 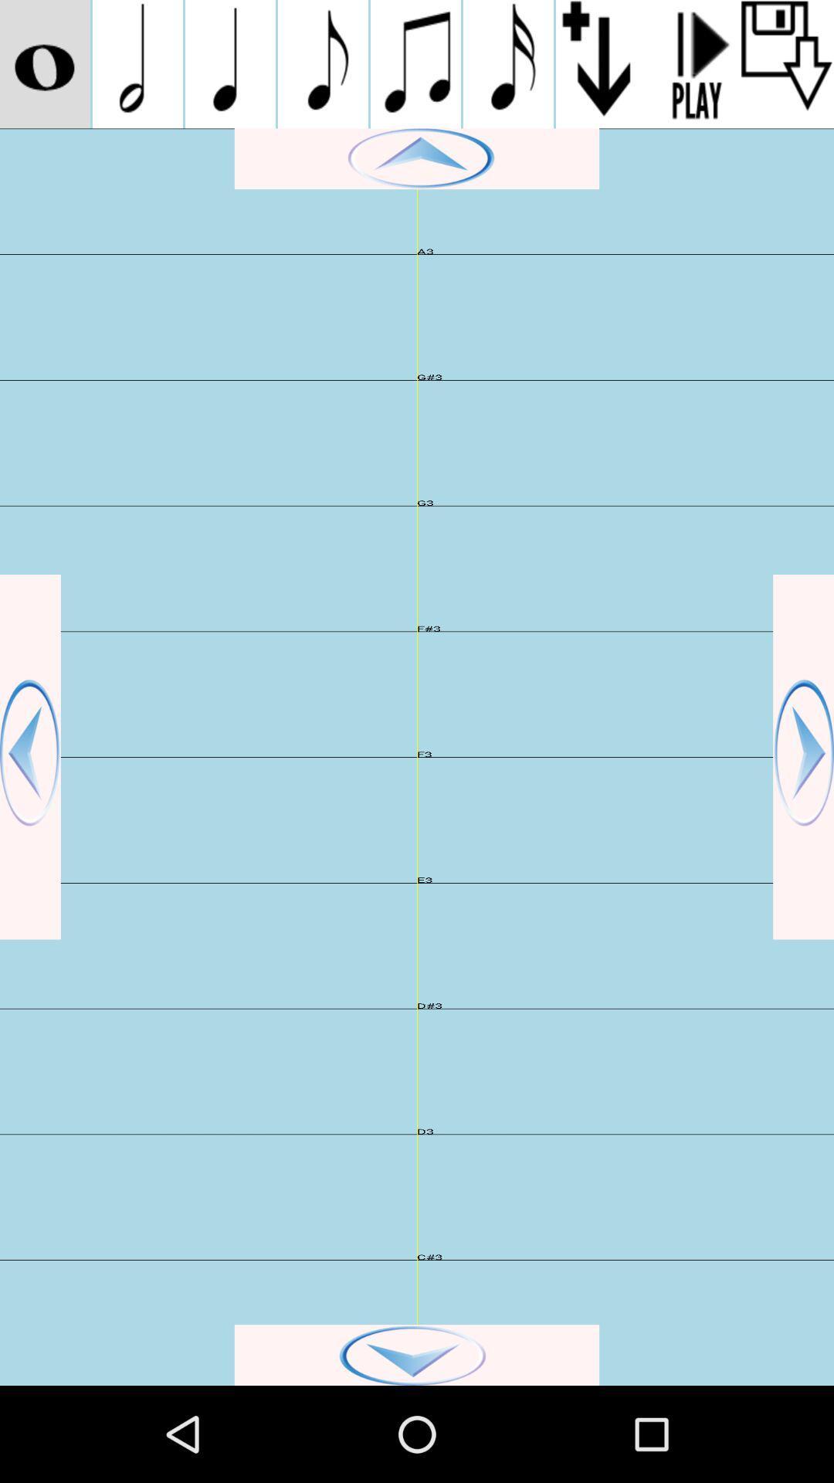 What do you see at coordinates (417, 1354) in the screenshot?
I see `scroll down` at bounding box center [417, 1354].